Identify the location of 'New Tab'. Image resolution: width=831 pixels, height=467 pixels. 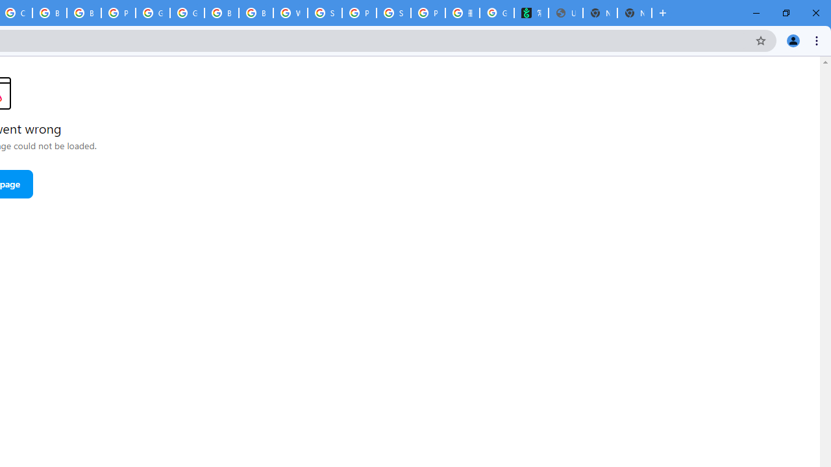
(634, 13).